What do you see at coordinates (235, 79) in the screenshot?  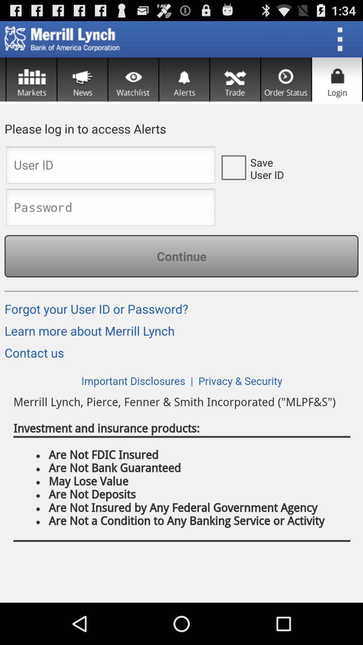 I see `trade button` at bounding box center [235, 79].